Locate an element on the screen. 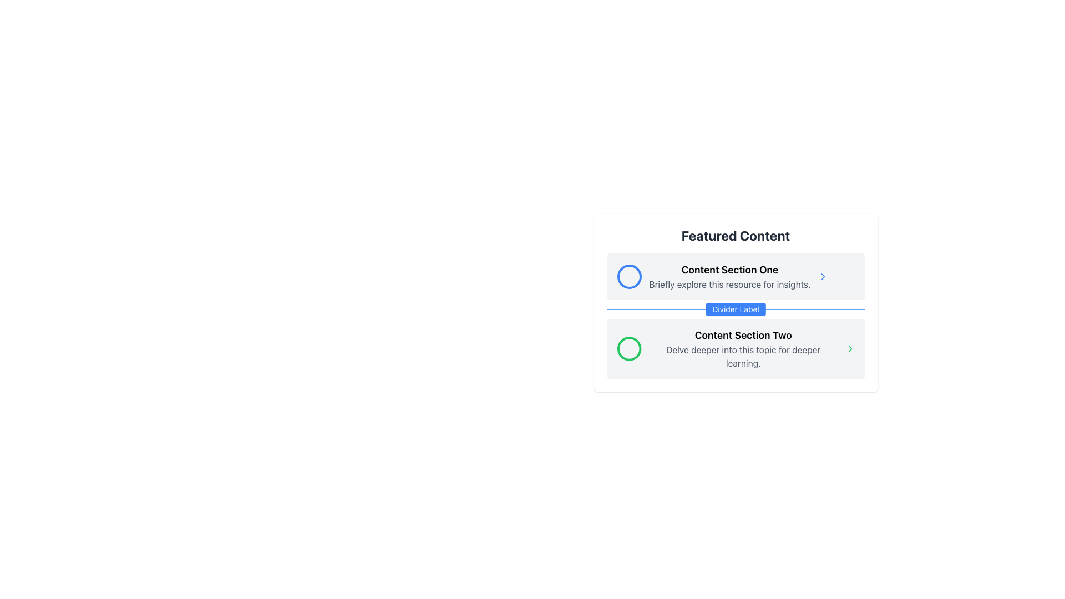 This screenshot has width=1065, height=599. the decorated horizontal divider labeled 'Content Section One' and 'Content Section Two', which serves as a visual separator between these sections is located at coordinates (736, 309).